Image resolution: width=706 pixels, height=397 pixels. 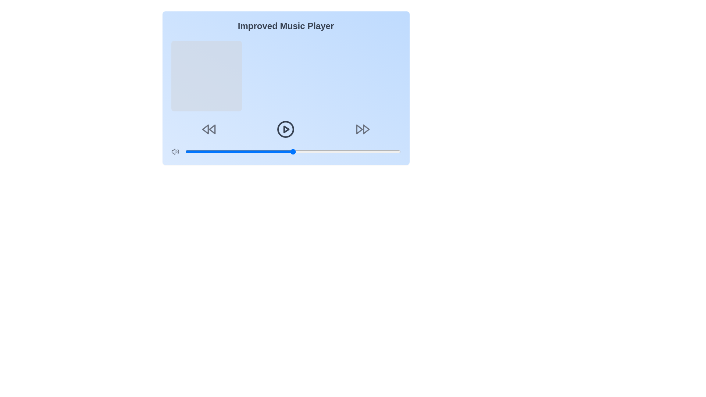 What do you see at coordinates (285, 129) in the screenshot?
I see `the circular play button with a dark gray play icon, which is centrally located within the playback controls to play the media` at bounding box center [285, 129].